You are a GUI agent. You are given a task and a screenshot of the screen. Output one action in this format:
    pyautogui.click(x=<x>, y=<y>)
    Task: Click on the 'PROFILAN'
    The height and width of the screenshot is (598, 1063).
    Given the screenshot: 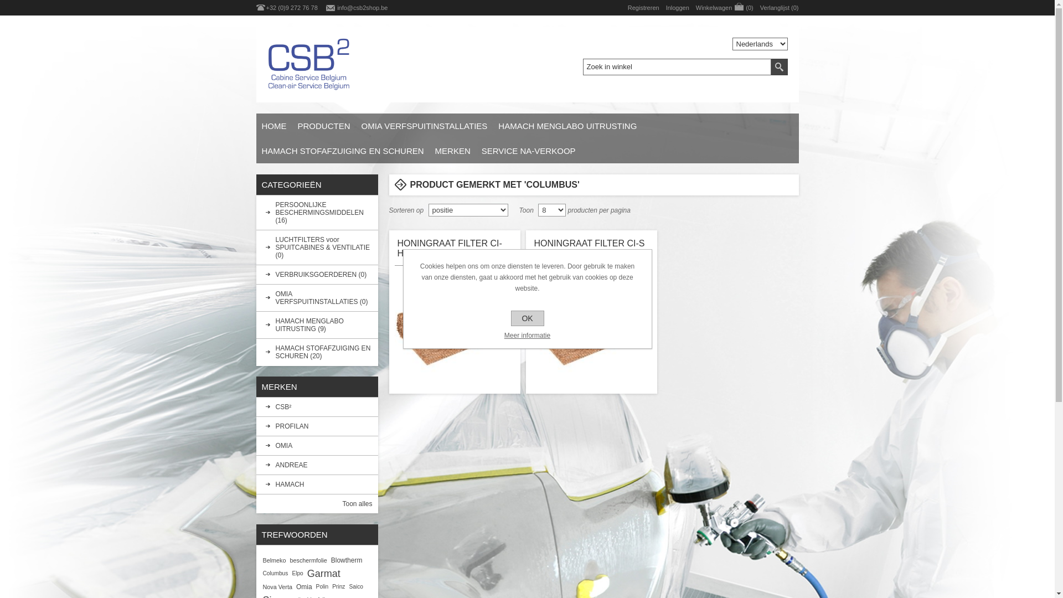 What is the action you would take?
    pyautogui.click(x=316, y=426)
    